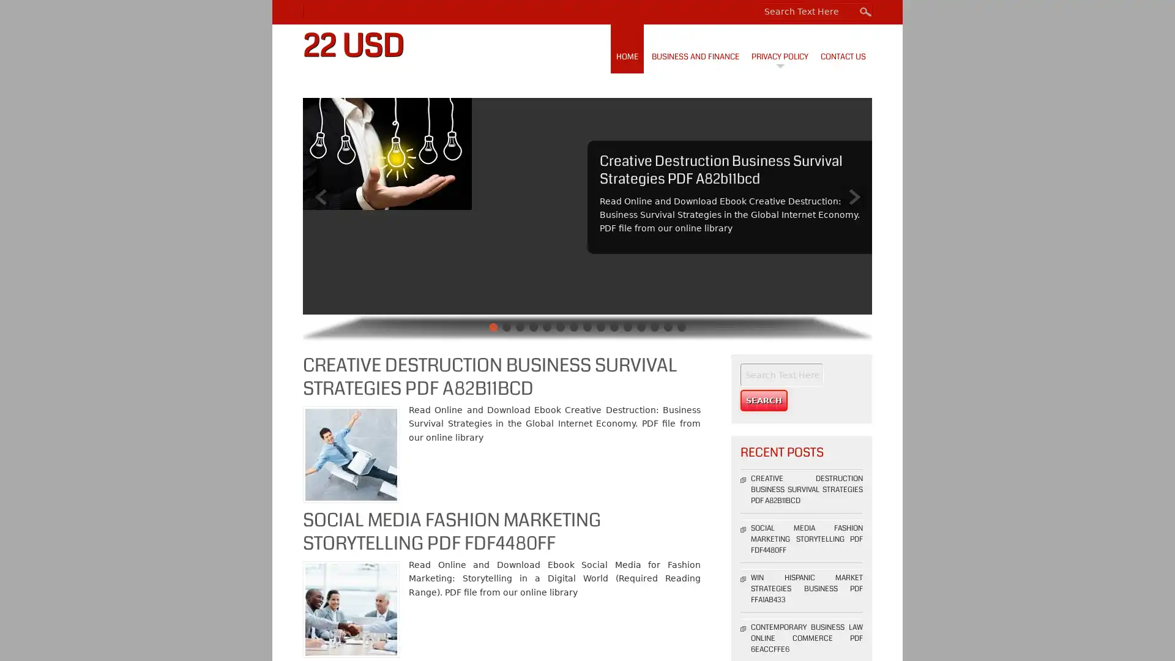 The height and width of the screenshot is (661, 1175). Describe the element at coordinates (763, 400) in the screenshot. I see `Search` at that location.